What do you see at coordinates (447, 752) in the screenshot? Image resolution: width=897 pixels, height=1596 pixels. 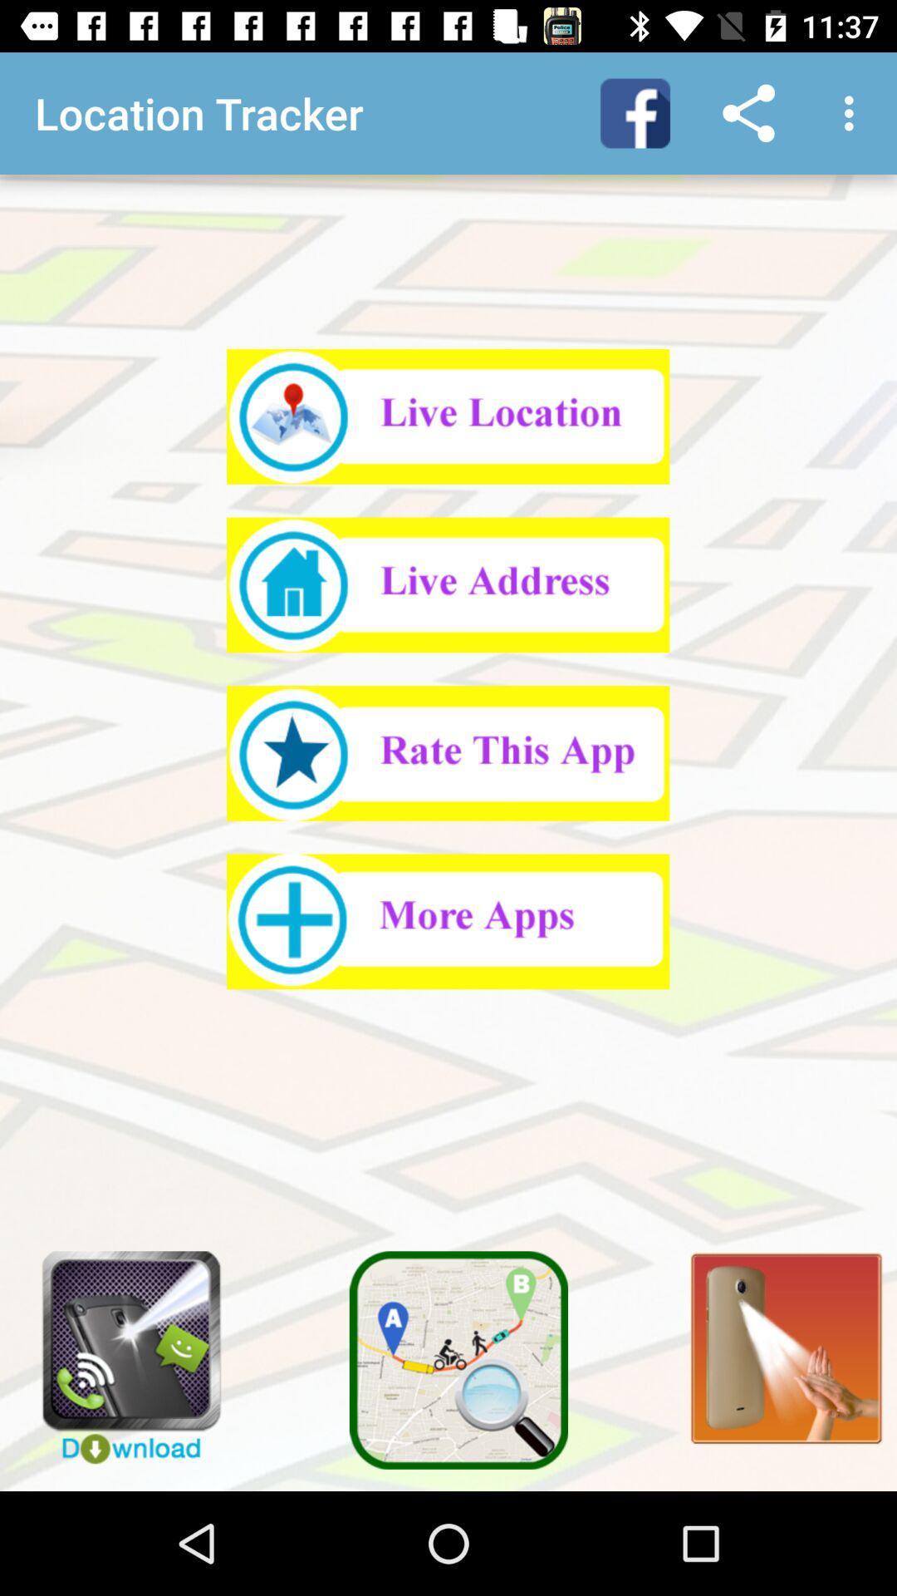 I see `the highlighted area wants people to rate the app` at bounding box center [447, 752].